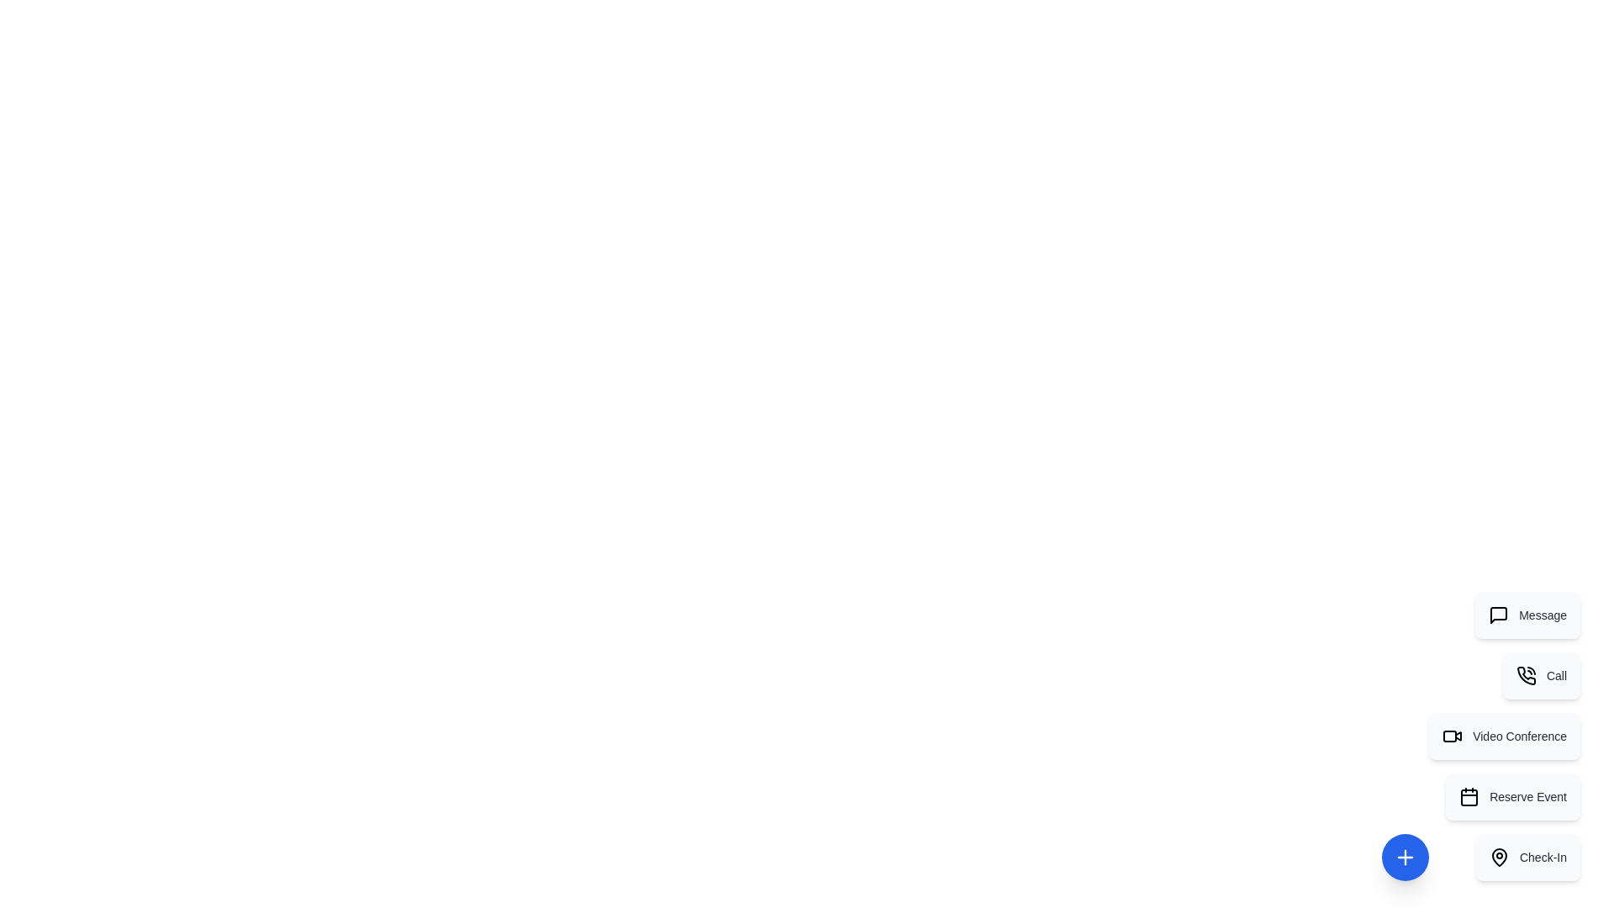 This screenshot has width=1614, height=908. What do you see at coordinates (1541, 674) in the screenshot?
I see `the action item Call from the menu` at bounding box center [1541, 674].